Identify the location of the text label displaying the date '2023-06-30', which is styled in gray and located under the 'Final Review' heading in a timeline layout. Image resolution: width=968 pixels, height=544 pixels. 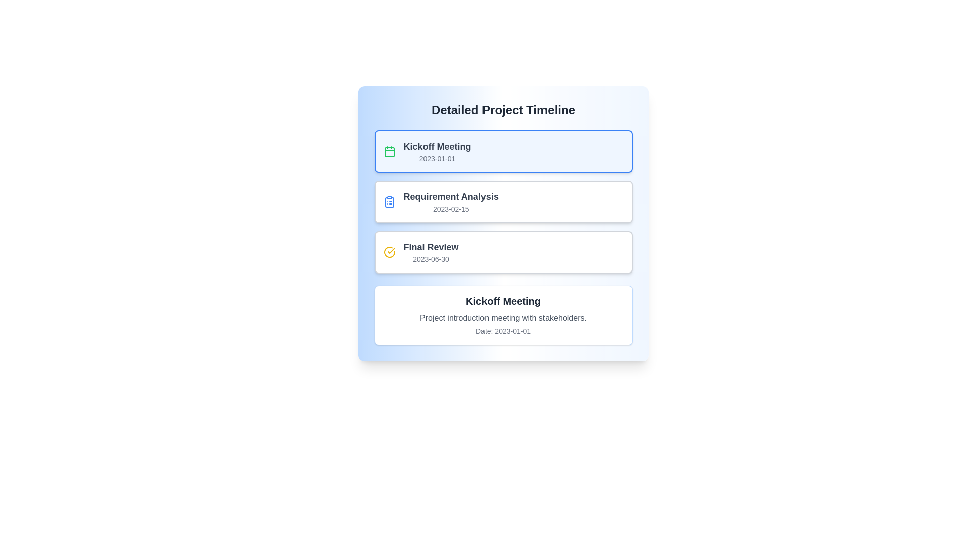
(431, 259).